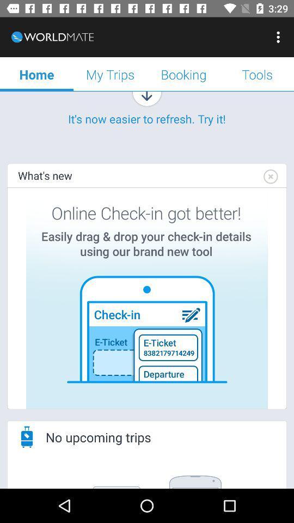 This screenshot has height=523, width=294. What do you see at coordinates (269, 177) in the screenshot?
I see `close` at bounding box center [269, 177].